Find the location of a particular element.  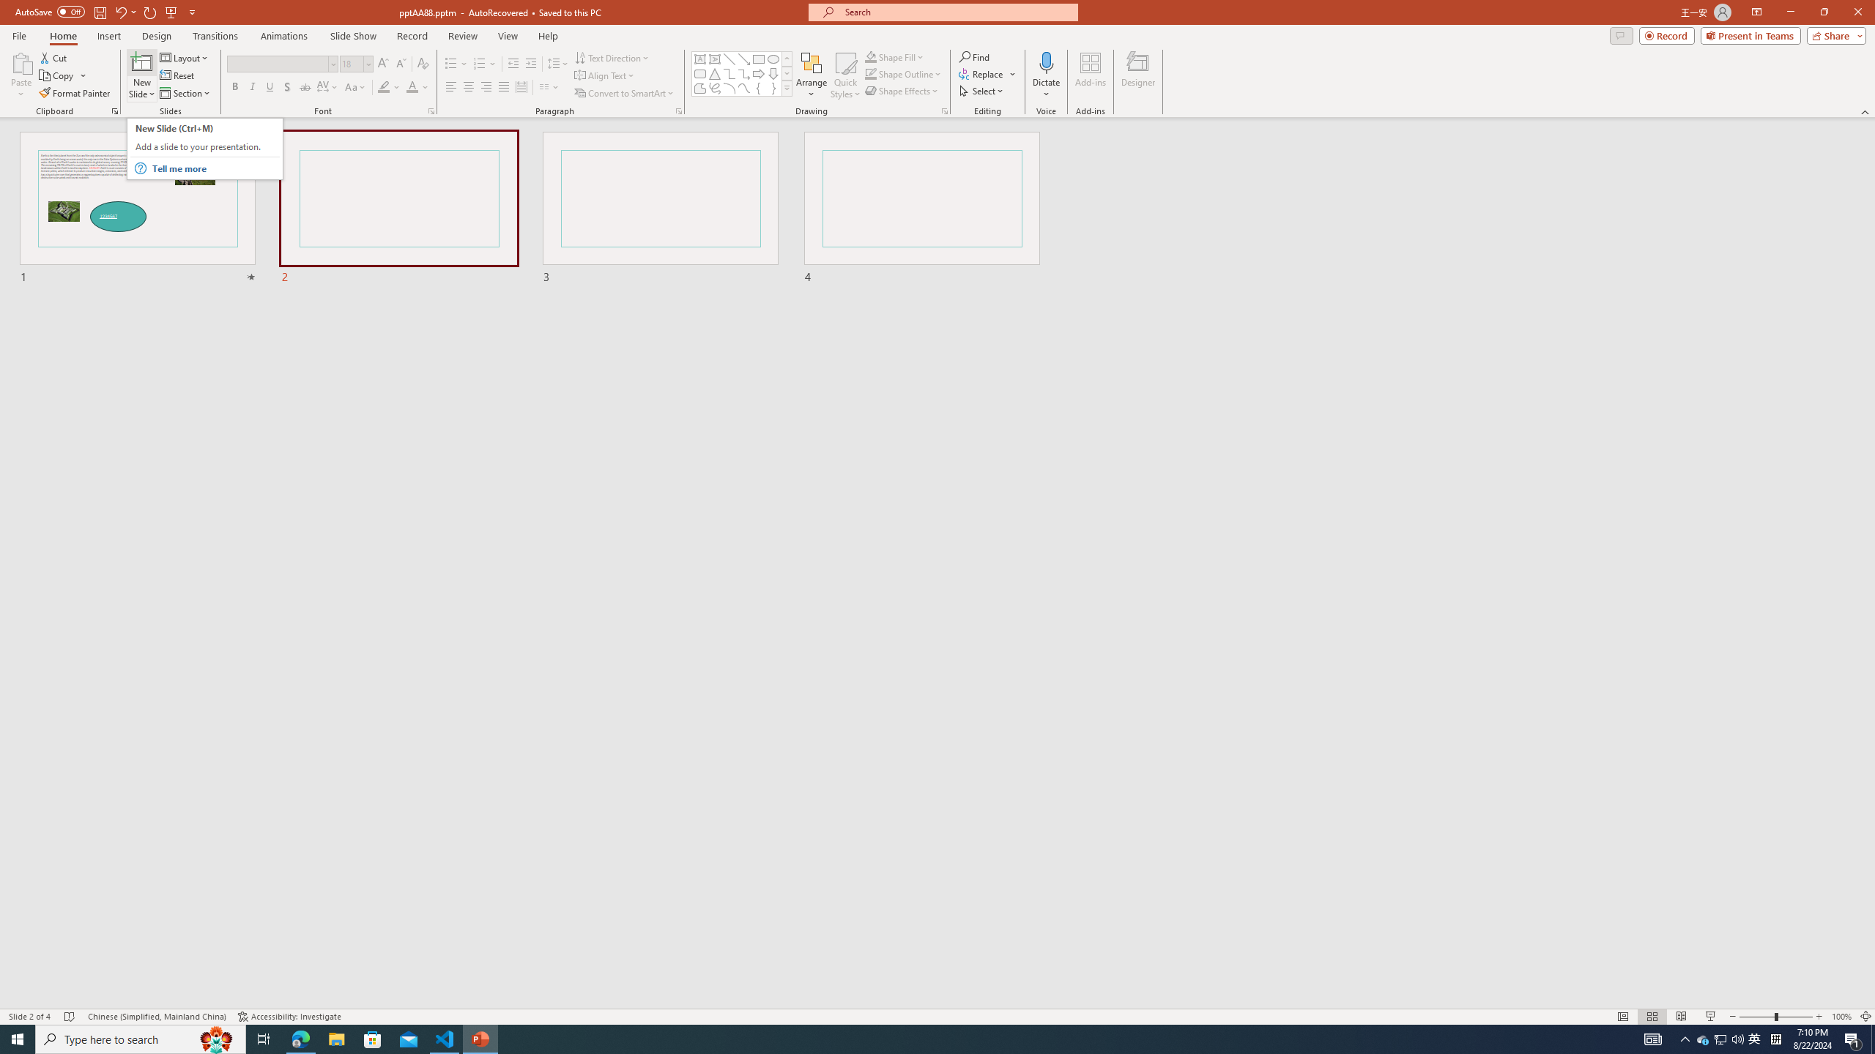

'Help' is located at coordinates (547, 36).